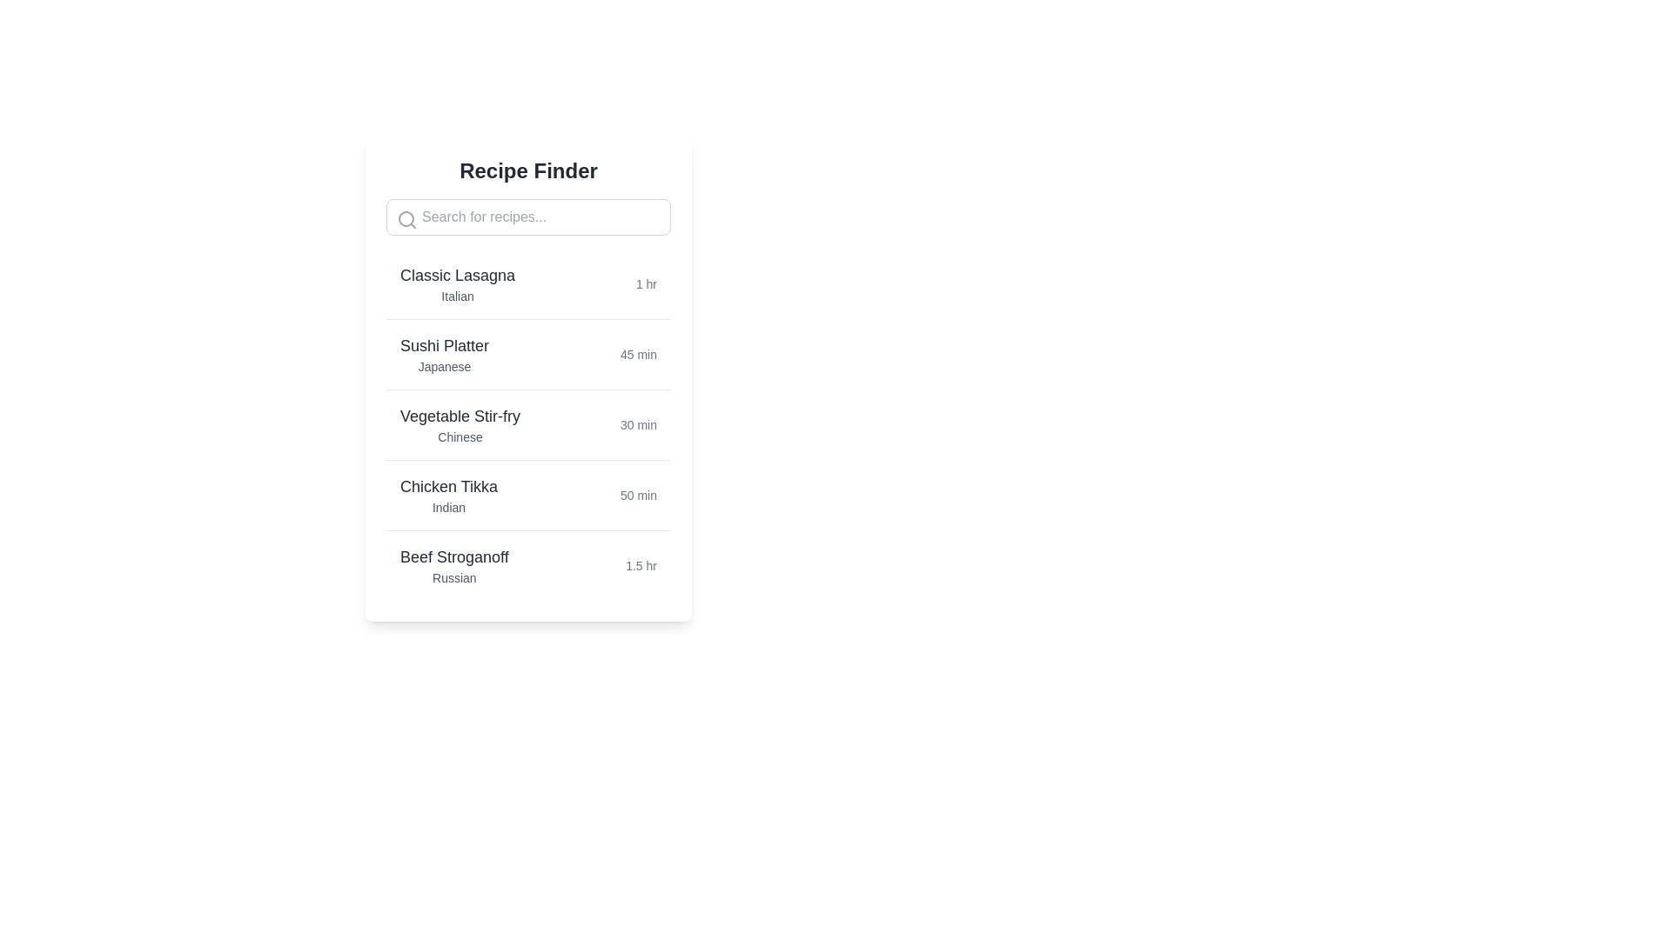  I want to click on text content of the Text Label displaying 'Indian', which is located beneath the bolded title 'Chicken Tikka' in the Recipe Finder list interface, so click(449, 507).